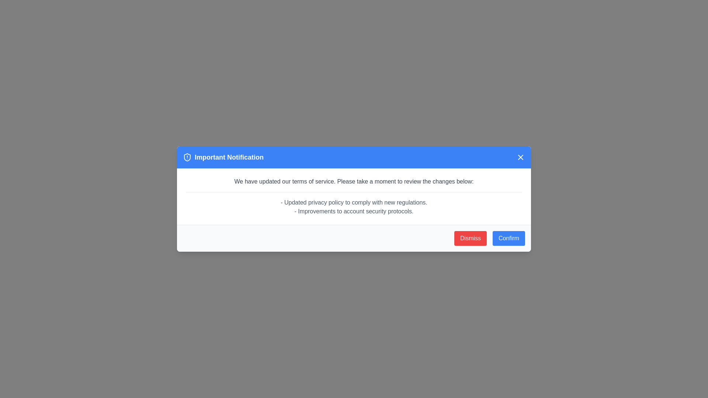 The width and height of the screenshot is (708, 398). I want to click on the 'Dismiss' button to close the notification, so click(470, 238).